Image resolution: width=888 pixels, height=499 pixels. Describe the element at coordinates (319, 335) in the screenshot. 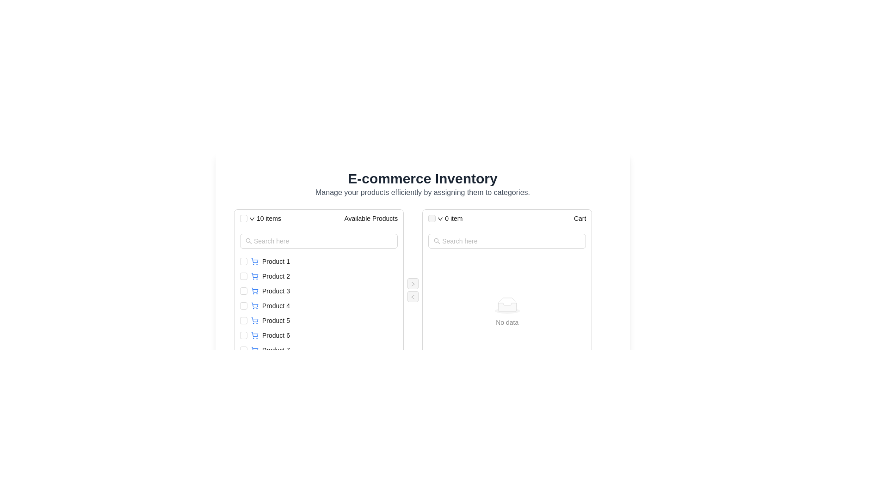

I see `the checkbox of the selectable list item for 'Product 6'` at that location.